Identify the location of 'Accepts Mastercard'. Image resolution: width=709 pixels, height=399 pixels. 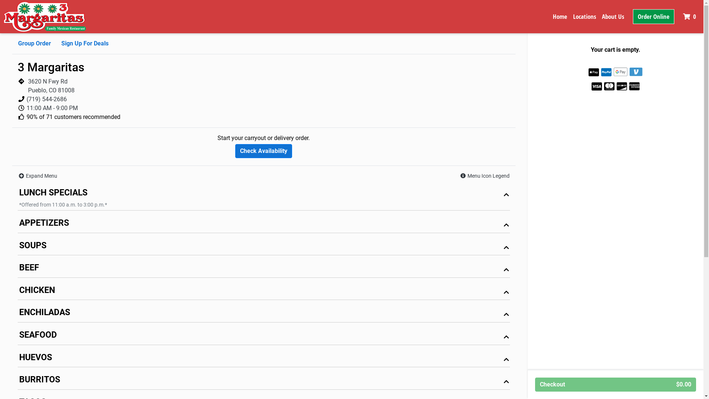
(604, 85).